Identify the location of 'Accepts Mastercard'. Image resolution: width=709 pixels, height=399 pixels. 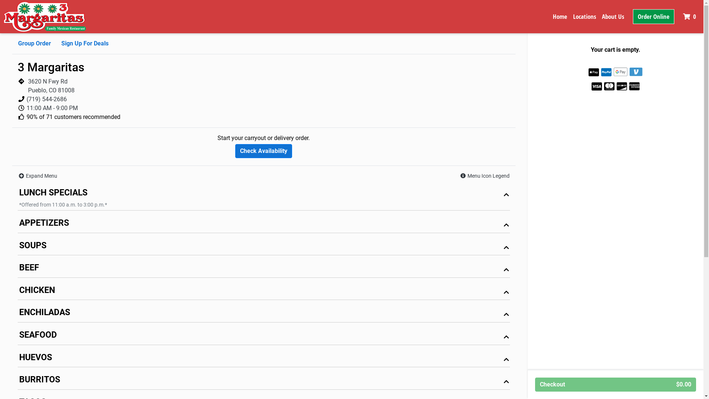
(604, 85).